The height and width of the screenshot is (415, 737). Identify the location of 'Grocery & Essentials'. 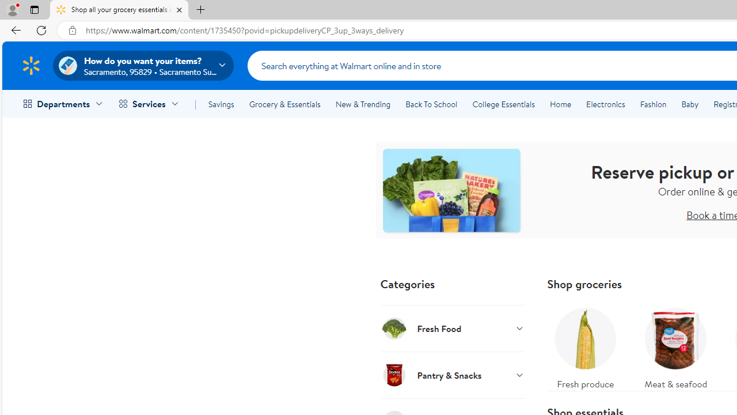
(284, 104).